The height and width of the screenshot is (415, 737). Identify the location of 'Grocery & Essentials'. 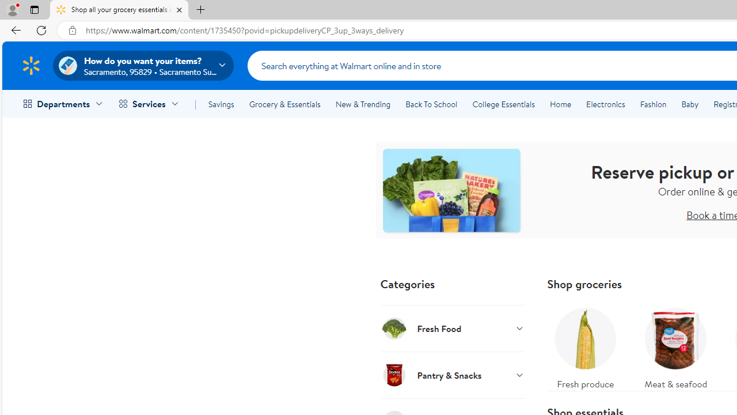
(284, 104).